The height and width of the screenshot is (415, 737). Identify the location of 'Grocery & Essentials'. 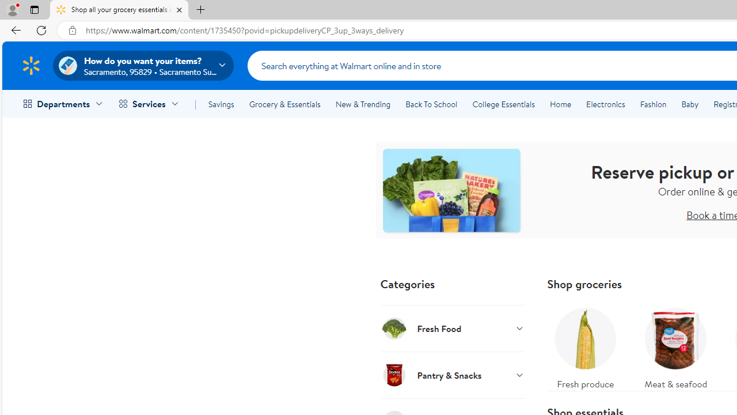
(284, 104).